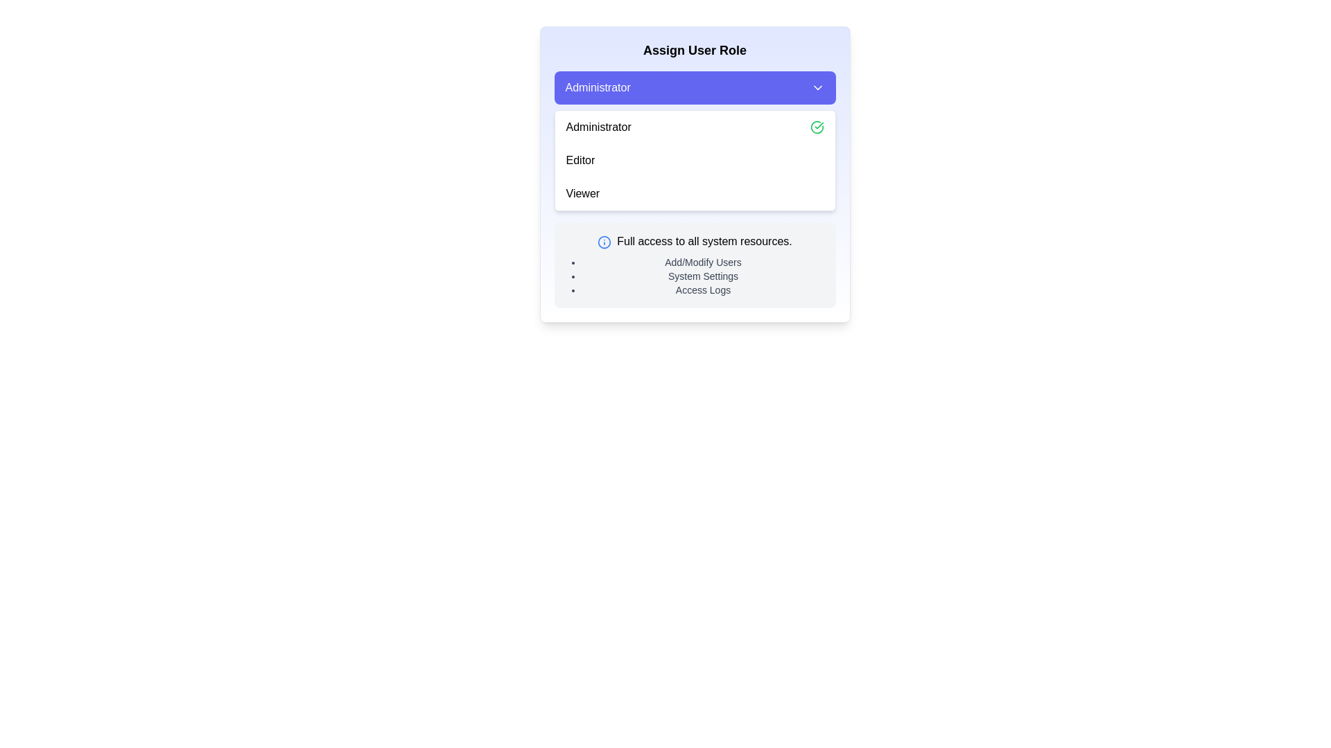  Describe the element at coordinates (695, 88) in the screenshot. I see `the interactive dropdown button located in the upper middle area of the 'Assign User Role' panel` at that location.